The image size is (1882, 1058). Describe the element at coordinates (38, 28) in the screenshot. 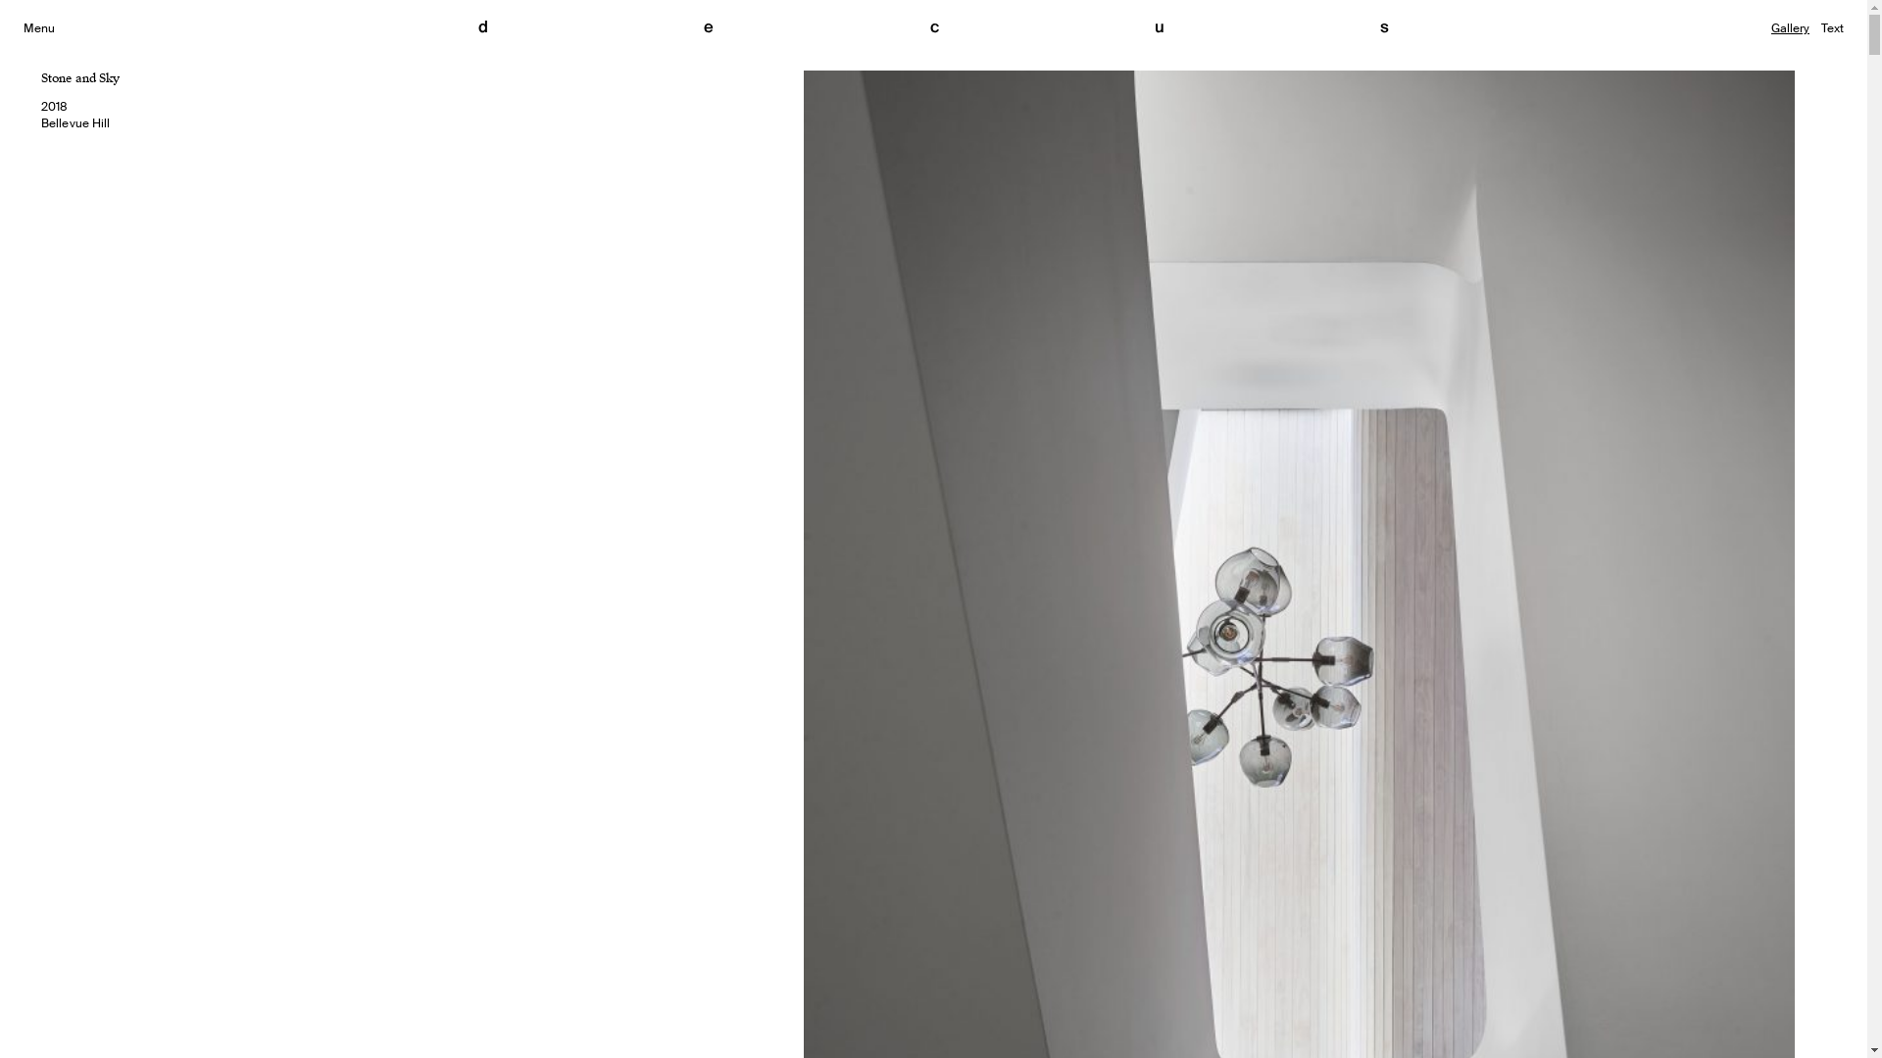

I see `'Menu'` at that location.